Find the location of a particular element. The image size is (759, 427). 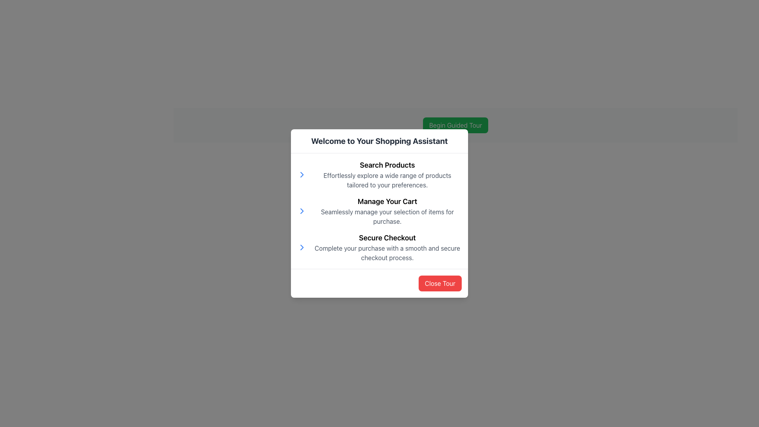

the guided tour button located at the top-center of the dialog box is located at coordinates (455, 125).